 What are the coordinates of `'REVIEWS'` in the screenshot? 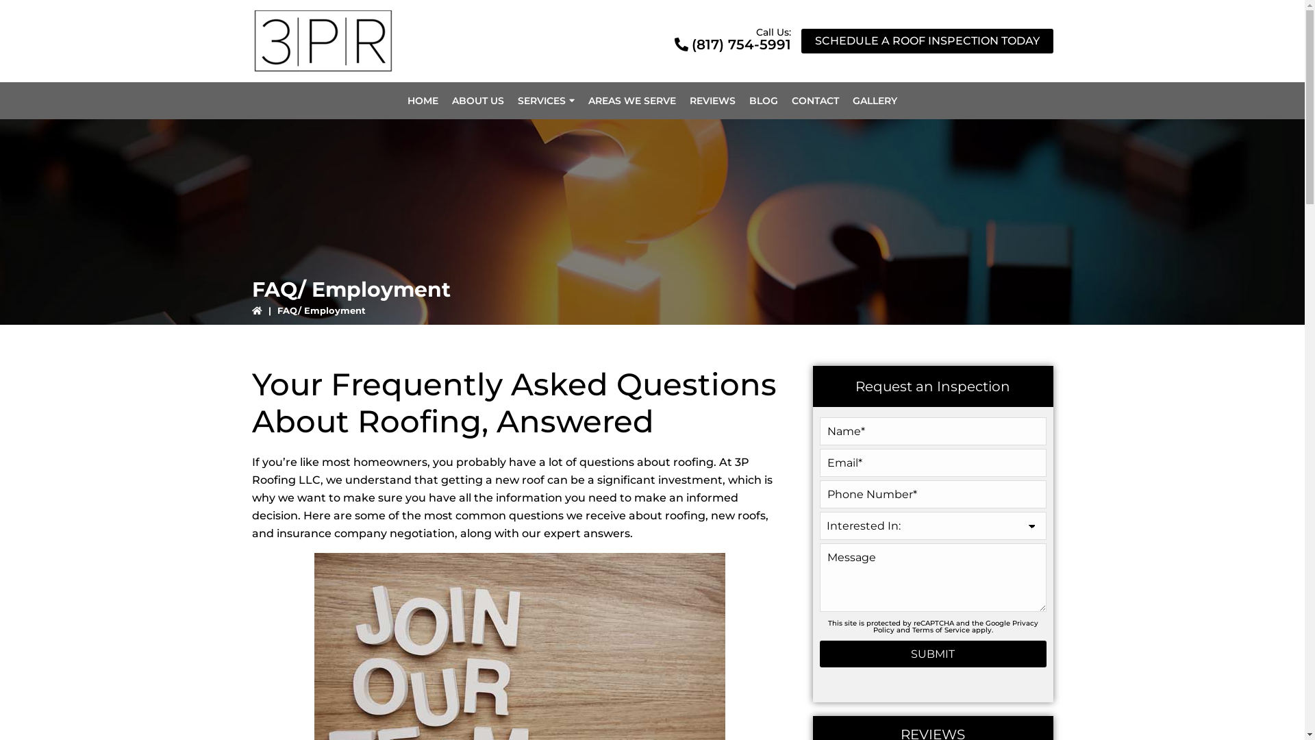 It's located at (712, 99).